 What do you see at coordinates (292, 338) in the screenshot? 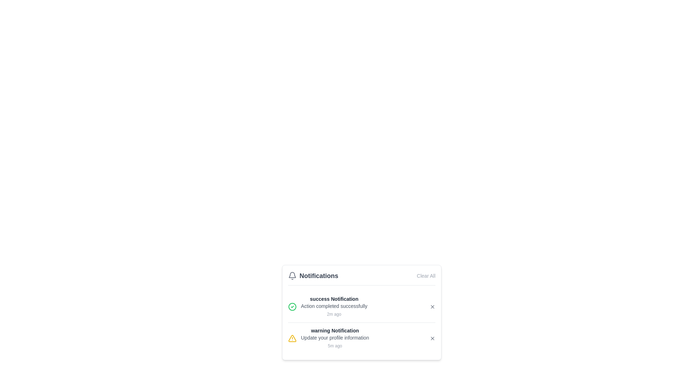
I see `the warning notification icon located at the leftmost side of the warning notification entry in the notifications list` at bounding box center [292, 338].